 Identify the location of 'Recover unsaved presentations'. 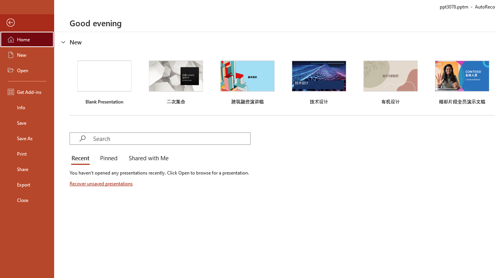
(101, 183).